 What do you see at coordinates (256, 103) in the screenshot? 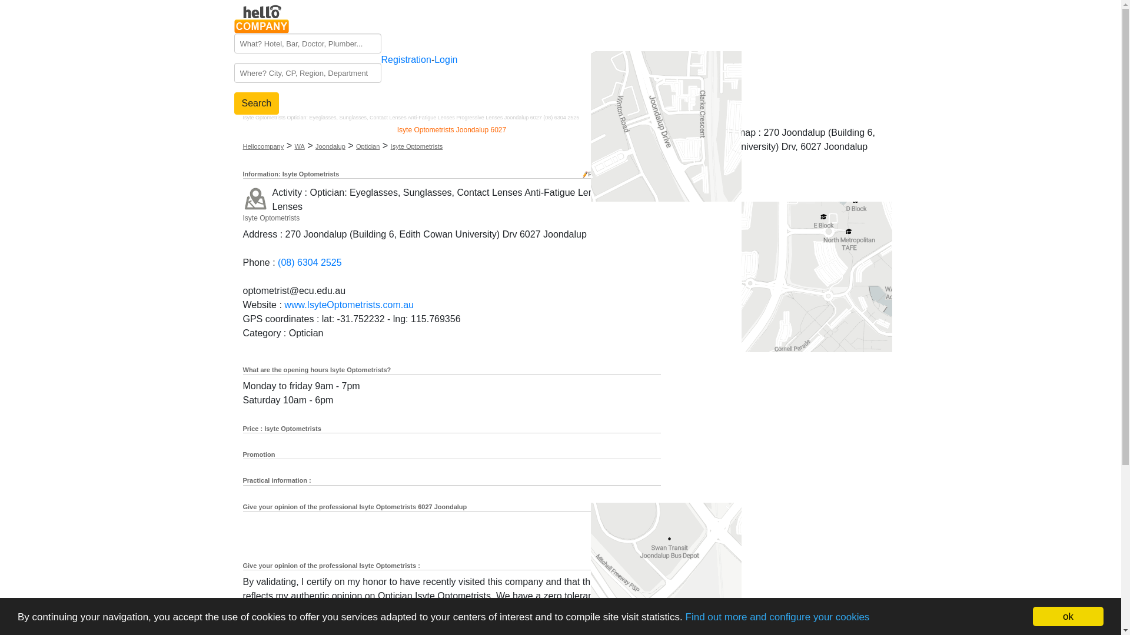
I see `'Search'` at bounding box center [256, 103].